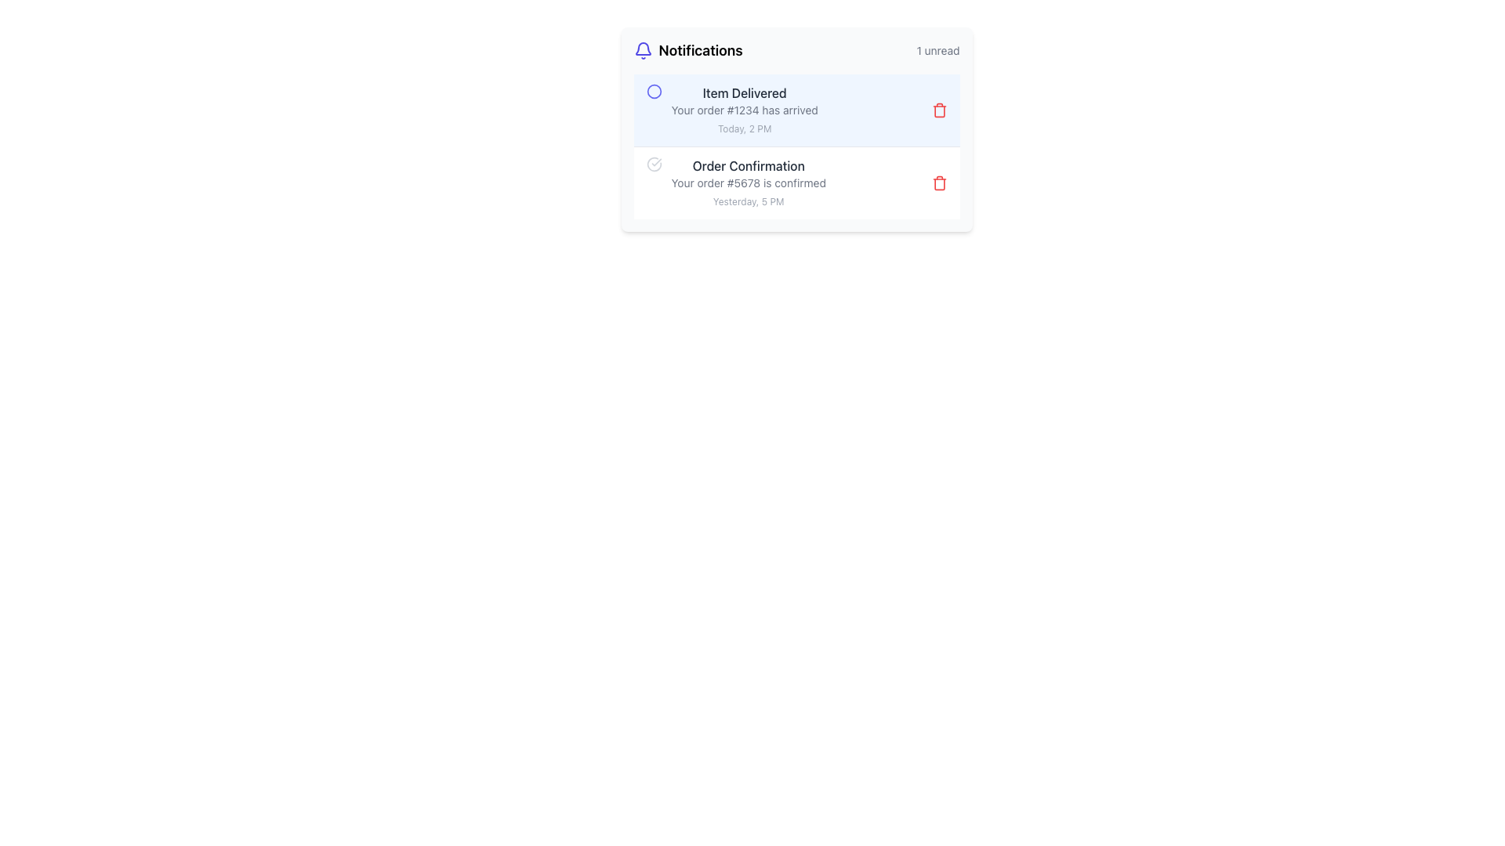  I want to click on the first notification item displaying 'Item Delivered', so click(731, 110).